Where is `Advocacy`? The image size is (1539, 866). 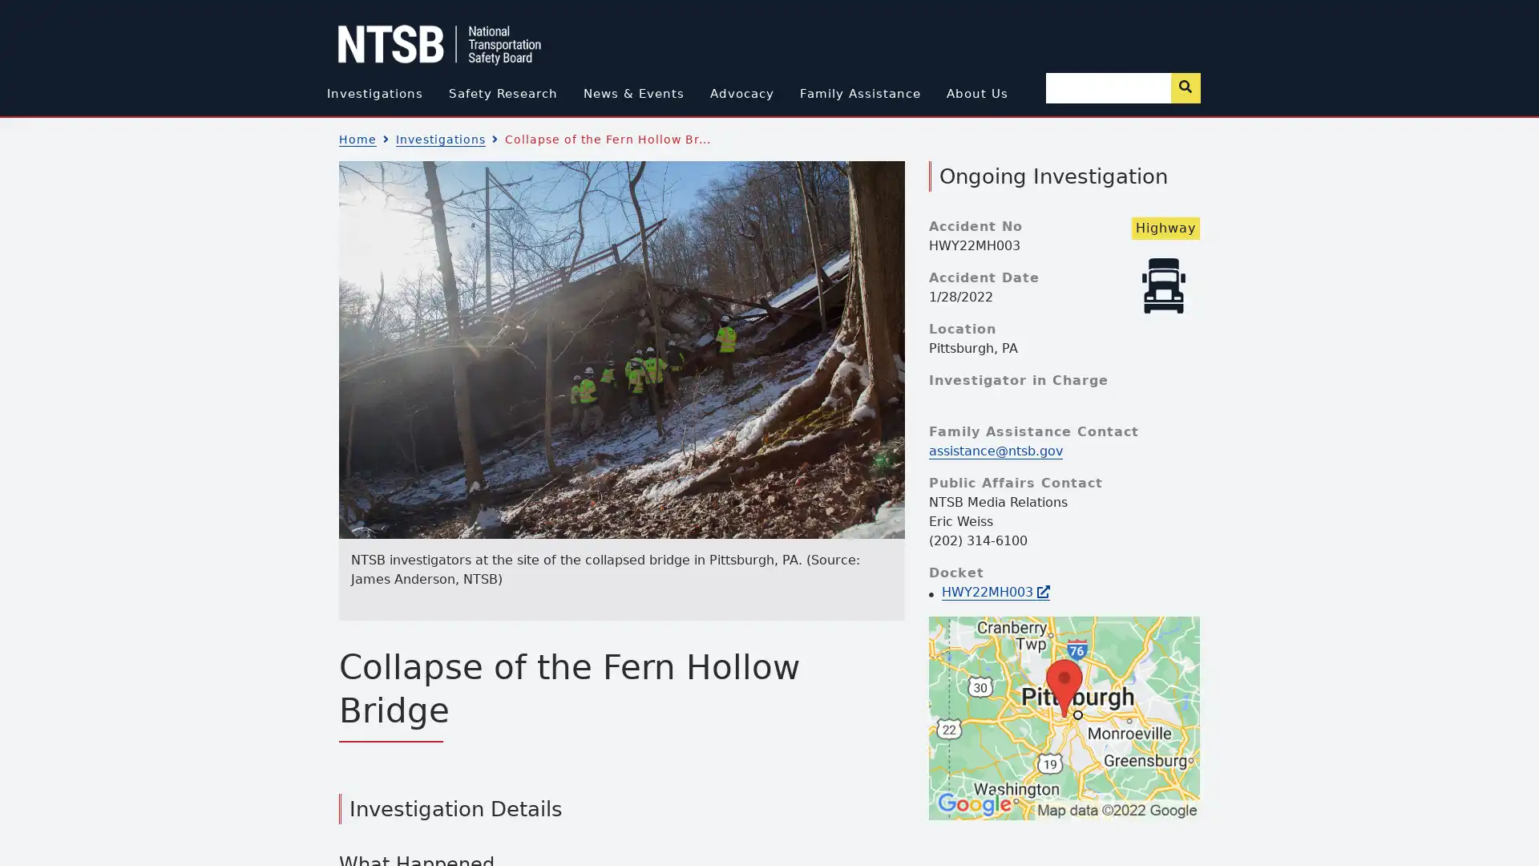 Advocacy is located at coordinates (741, 94).